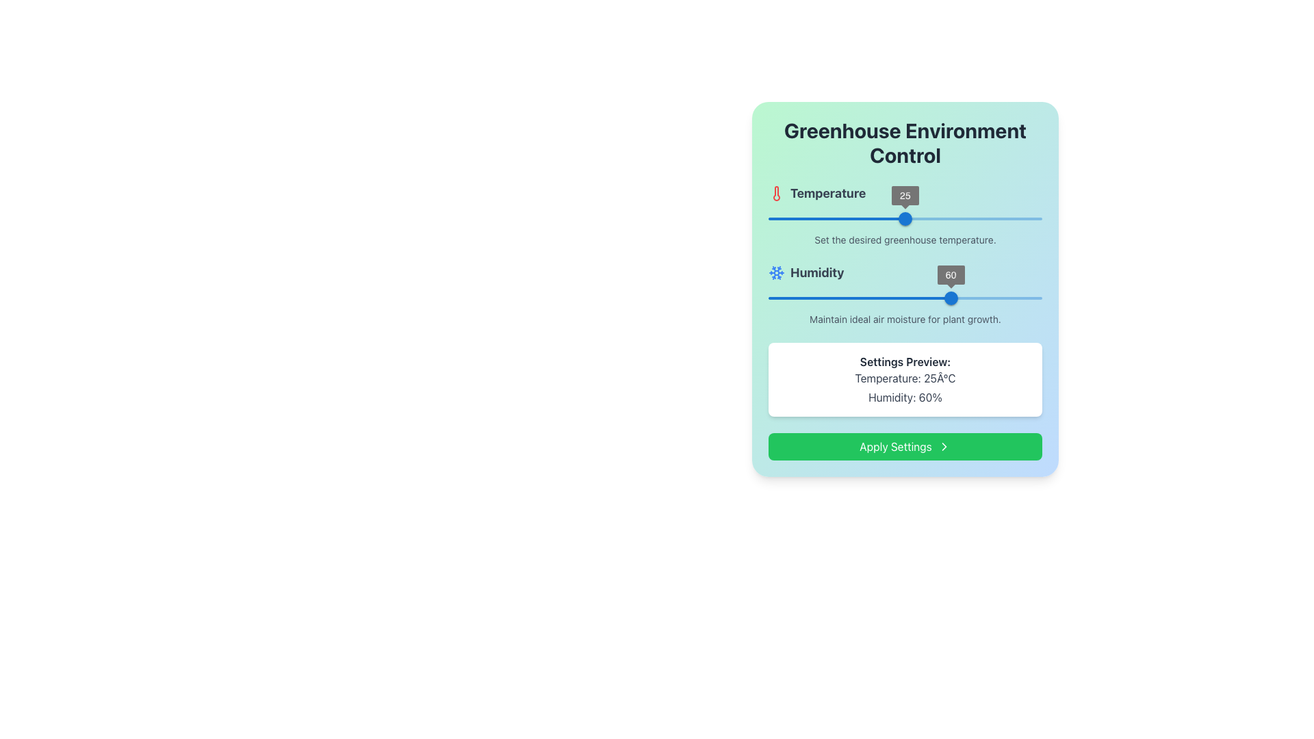  Describe the element at coordinates (943, 446) in the screenshot. I see `the chevron icon located on the extreme right side of the 'Apply Settings' button to apply the settings` at that location.